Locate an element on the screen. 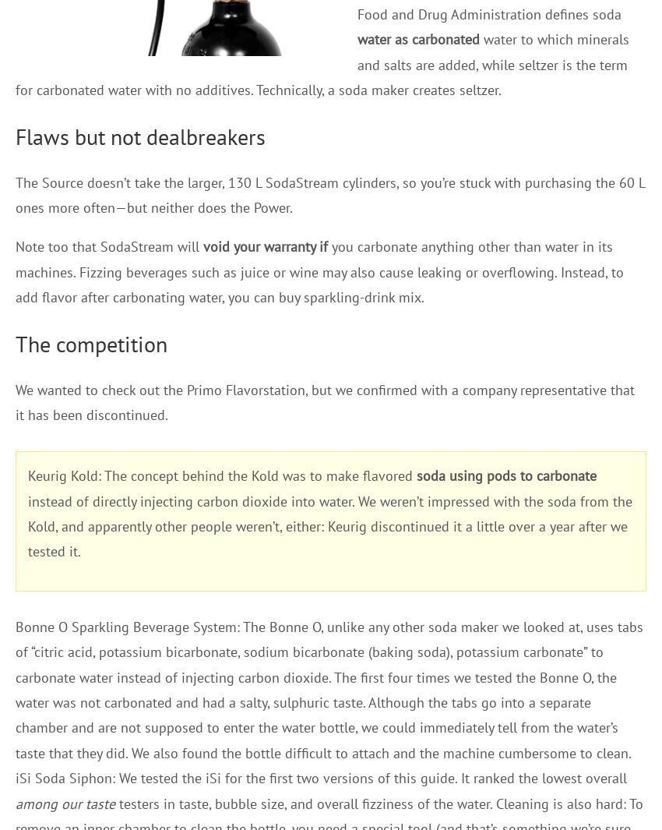  'The Source doesn’t take the larger, 130 L SodaStream cylinders, so you’re stuck with purchasing the 60 L ones more often—but neither does the Power.' is located at coordinates (329, 193).